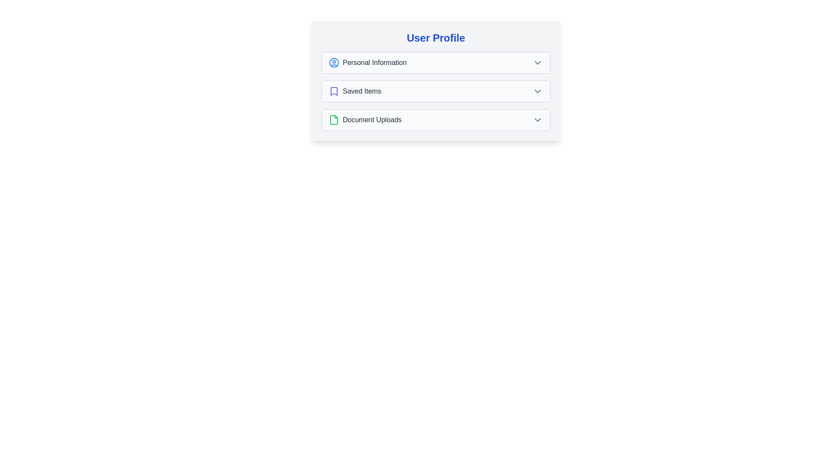  What do you see at coordinates (537, 62) in the screenshot?
I see `the dropdown toggle or chevron icon located at the far-right end of the 'Personal Information' section in the 'User Profile' card` at bounding box center [537, 62].